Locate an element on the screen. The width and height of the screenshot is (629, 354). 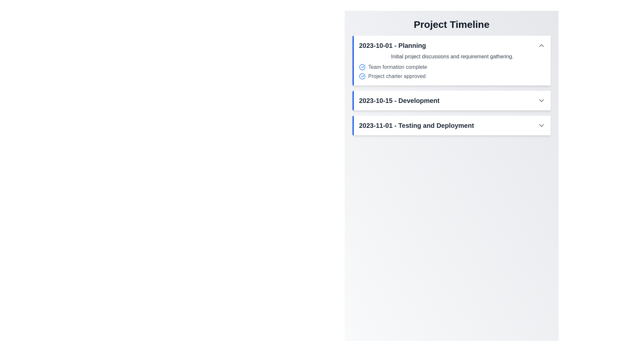
the Text Label that serves as the title for the 'Planning' section of the project timeline, positioned at the top of the section is located at coordinates (392, 45).